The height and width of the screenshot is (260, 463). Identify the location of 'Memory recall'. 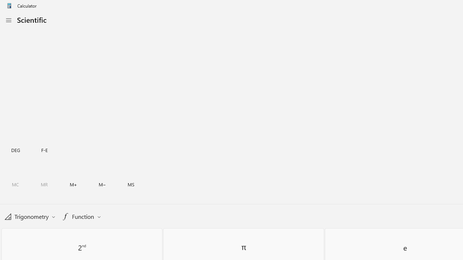
(44, 184).